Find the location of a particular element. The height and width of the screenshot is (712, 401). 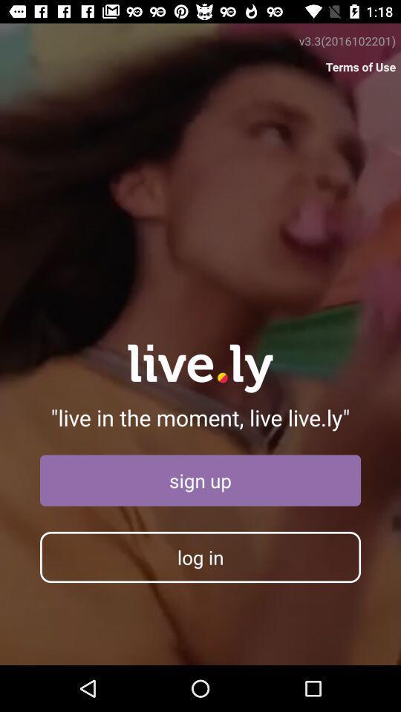

terms of use item is located at coordinates (360, 67).